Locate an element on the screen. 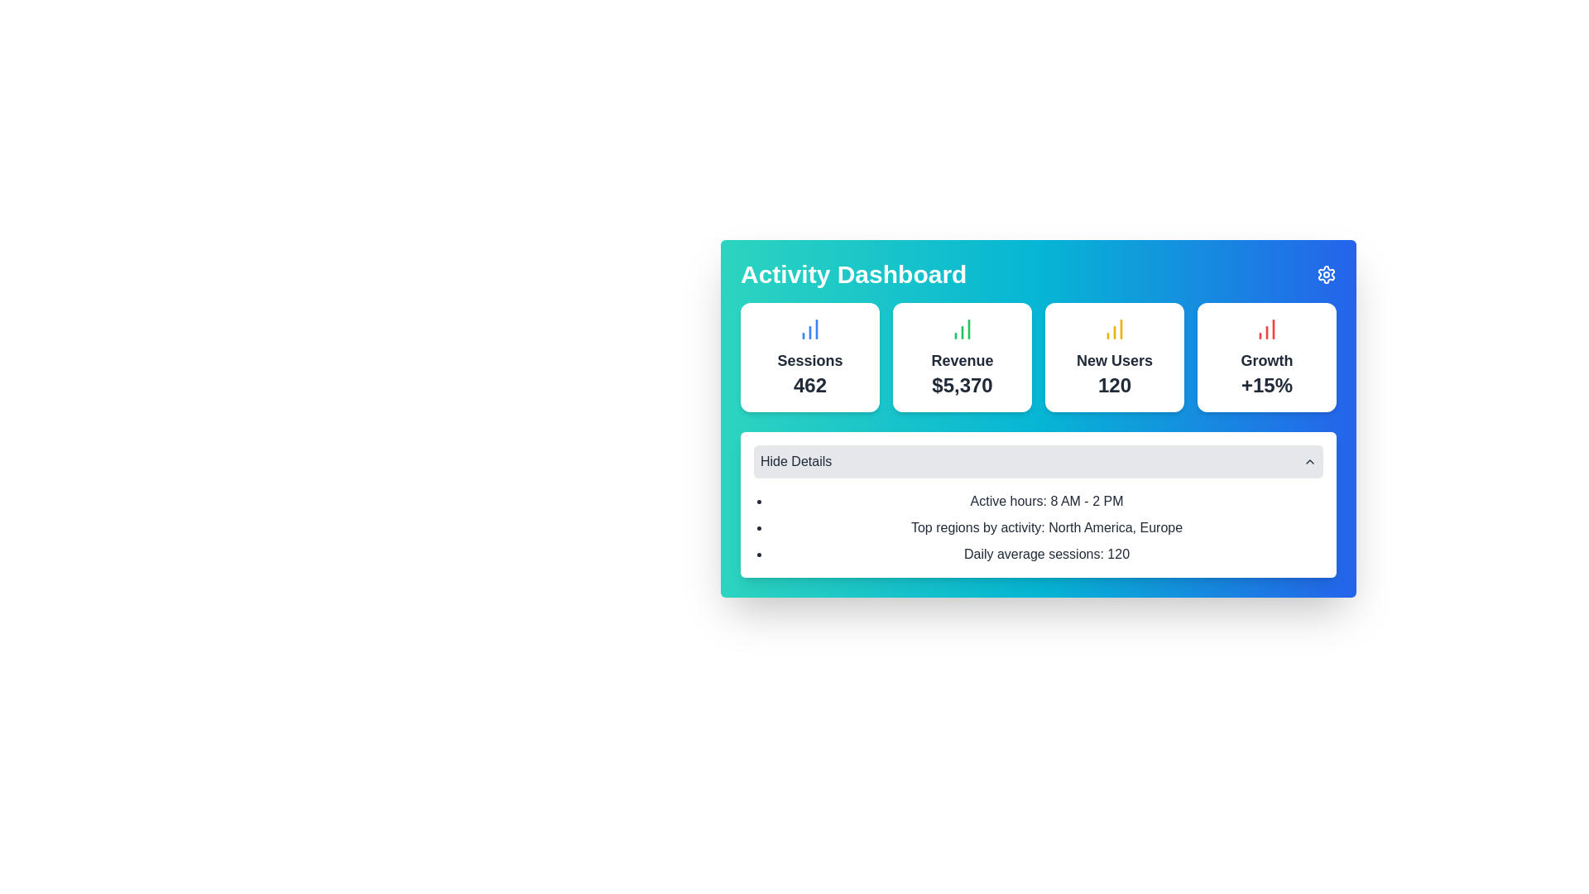  numerical count or metric value associated with the 'Sessions' label located at the bottom of the card labeled 'Sessions' in the top left corner is located at coordinates (810, 386).